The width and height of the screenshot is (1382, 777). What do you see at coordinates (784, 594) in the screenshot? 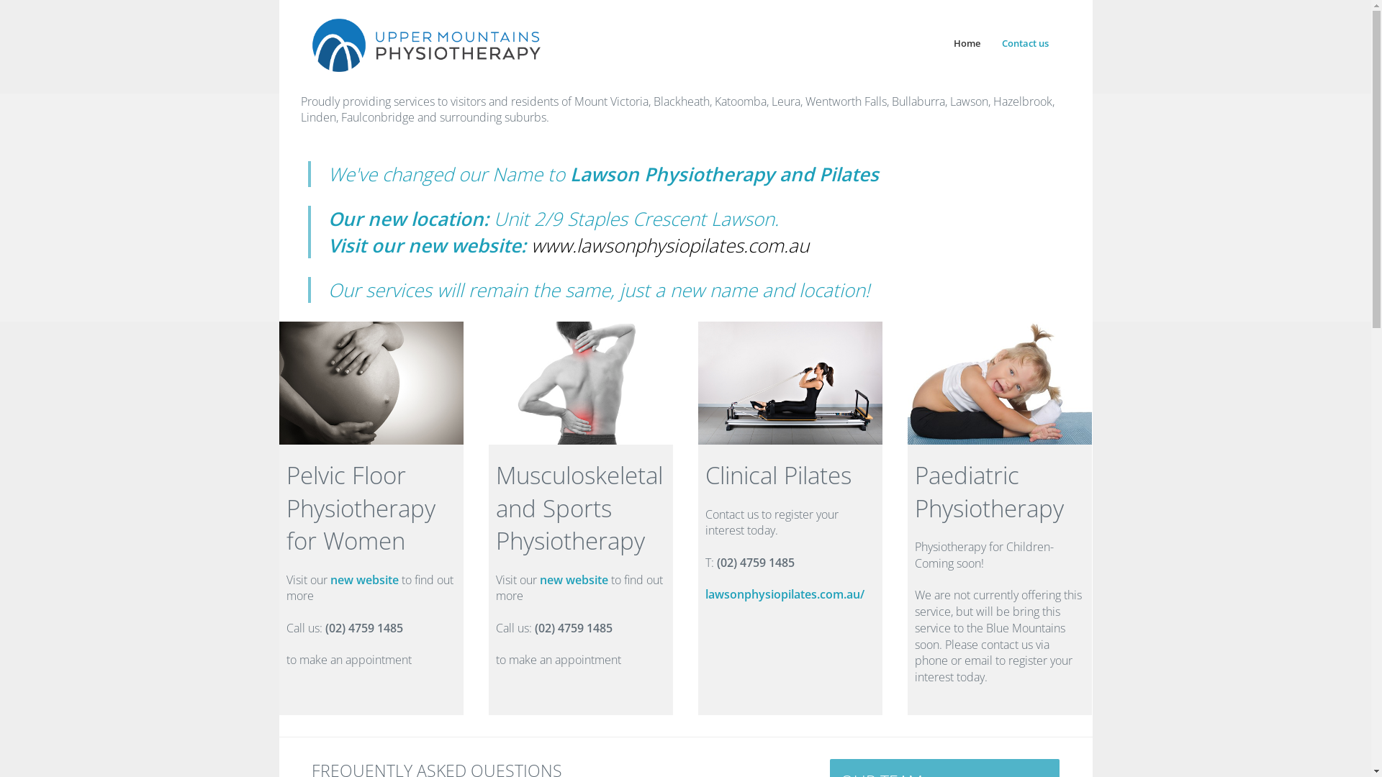
I see `'lawsonphysiopilates.com.au/'` at bounding box center [784, 594].